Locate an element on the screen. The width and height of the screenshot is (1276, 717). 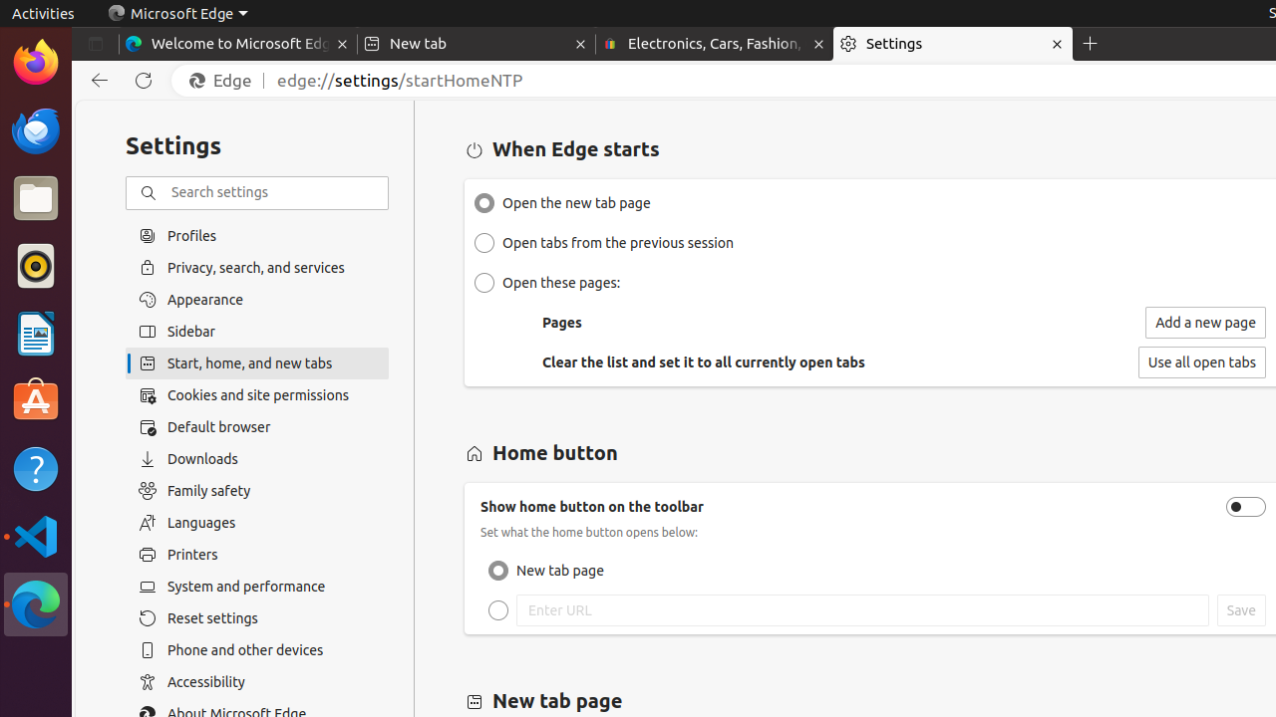
'Help' is located at coordinates (35, 469).